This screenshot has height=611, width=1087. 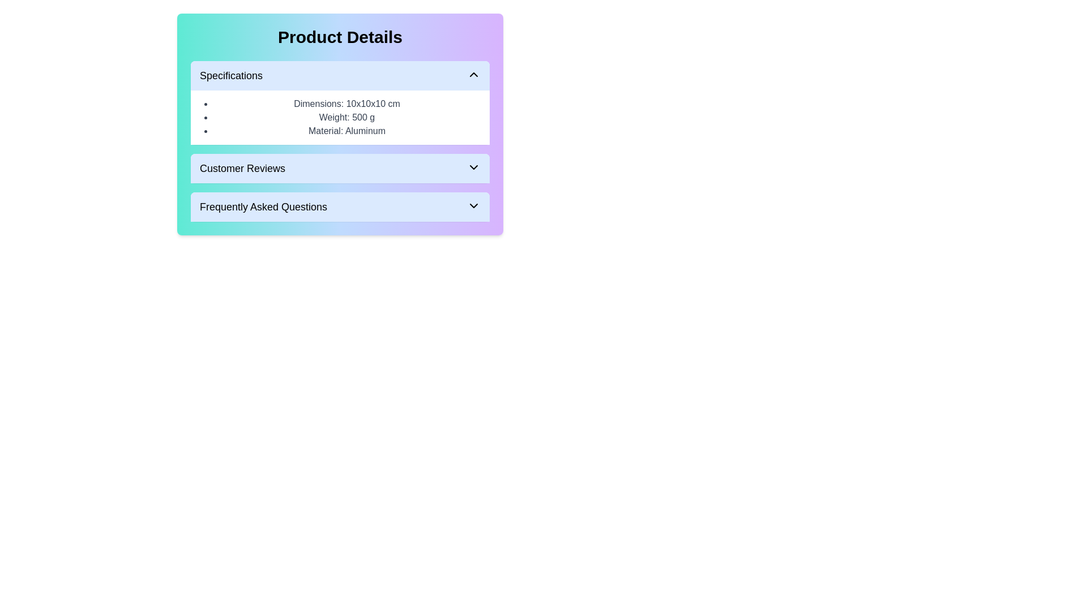 What do you see at coordinates (339, 118) in the screenshot?
I see `contents of the bulleted list under the 'Specifications' header in the 'Product Details' section, which includes items: 'Dimensions: 10x10x10 cm', 'Weight: 500 g', and 'Material: Aluminum'` at bounding box center [339, 118].